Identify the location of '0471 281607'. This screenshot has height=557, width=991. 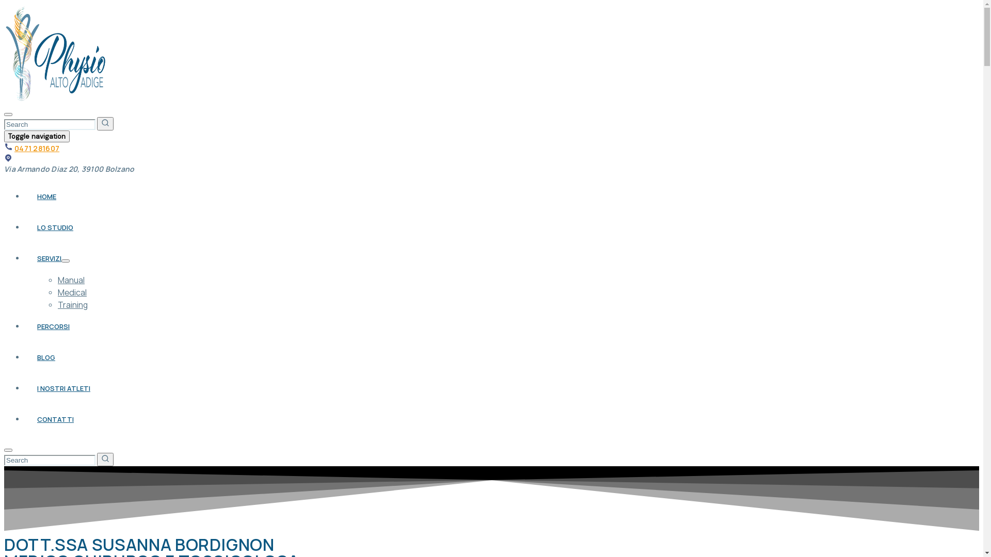
(37, 148).